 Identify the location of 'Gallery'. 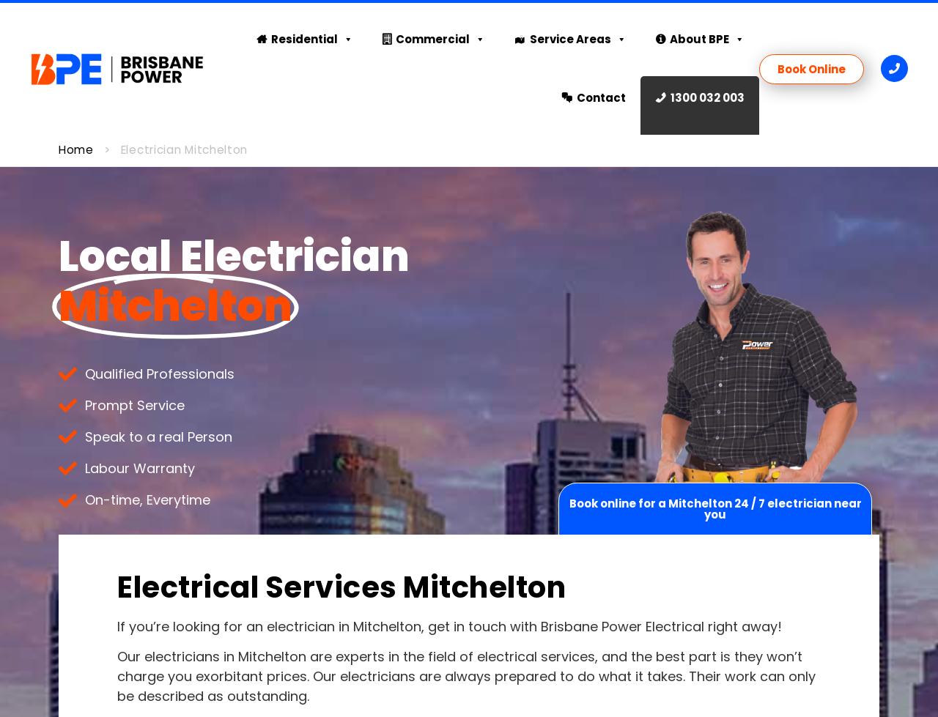
(680, 114).